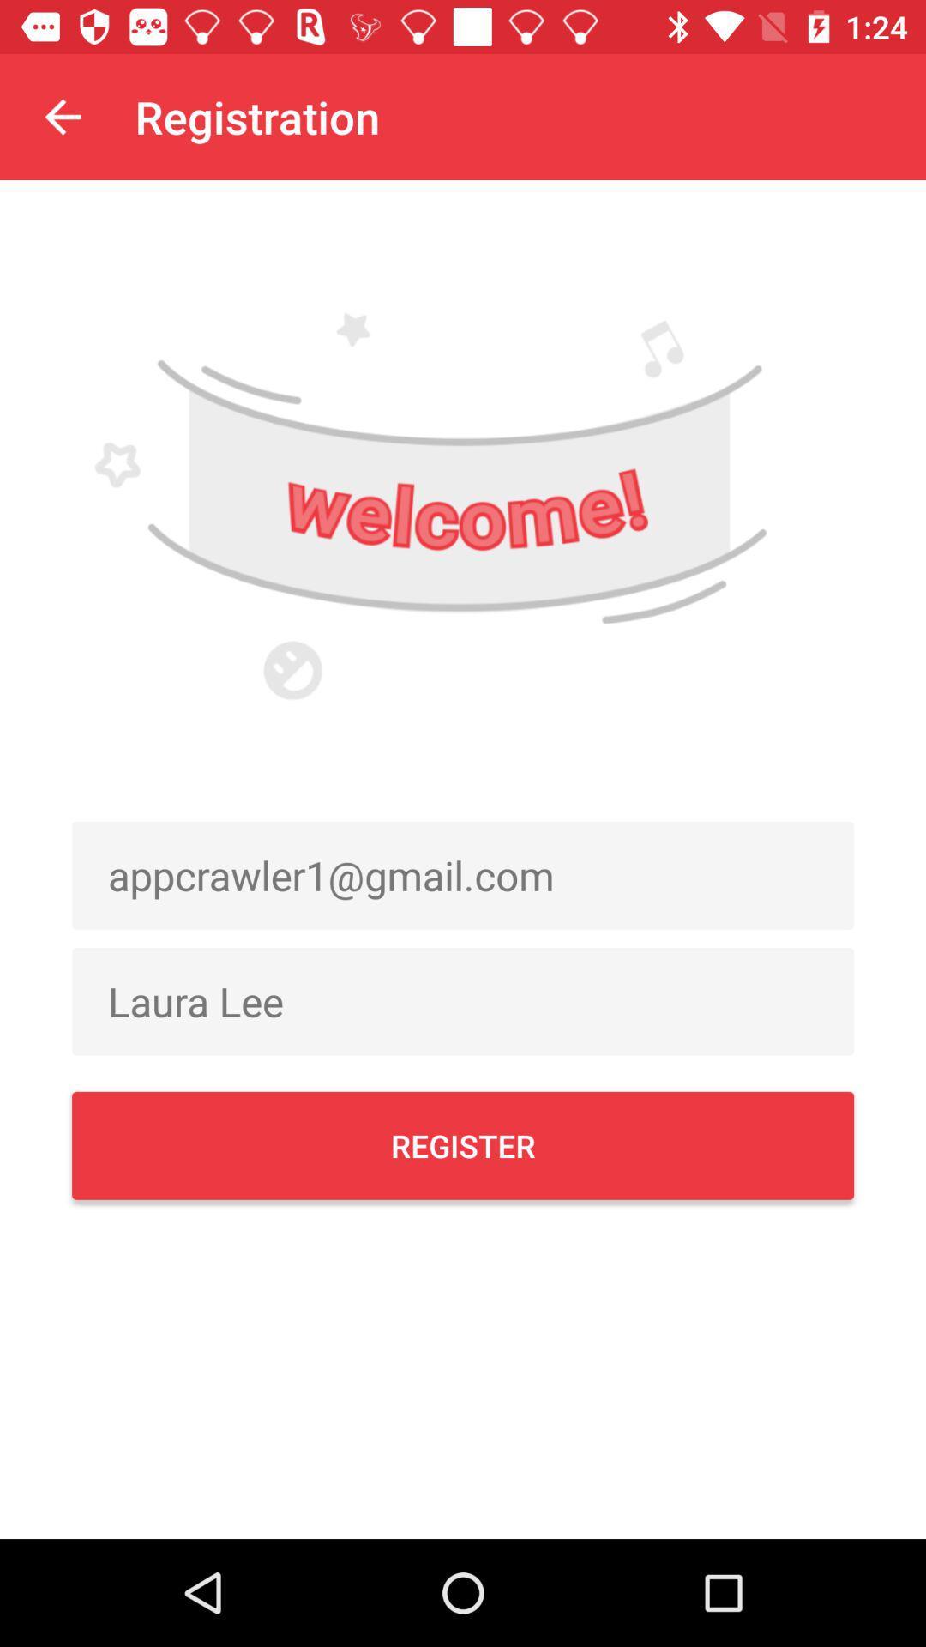  What do you see at coordinates (463, 875) in the screenshot?
I see `appcrawler1@gmail.com` at bounding box center [463, 875].